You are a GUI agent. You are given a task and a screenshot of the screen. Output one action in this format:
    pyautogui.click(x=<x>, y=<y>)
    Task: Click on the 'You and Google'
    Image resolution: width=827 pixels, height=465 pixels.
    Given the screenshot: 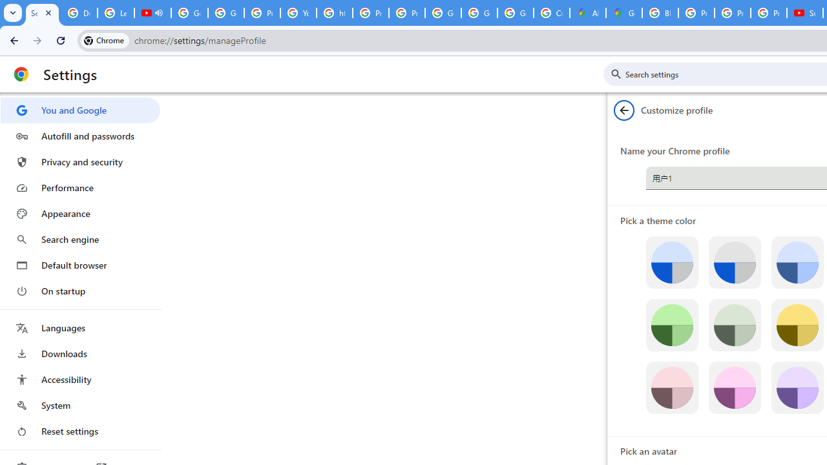 What is the action you would take?
    pyautogui.click(x=79, y=110)
    